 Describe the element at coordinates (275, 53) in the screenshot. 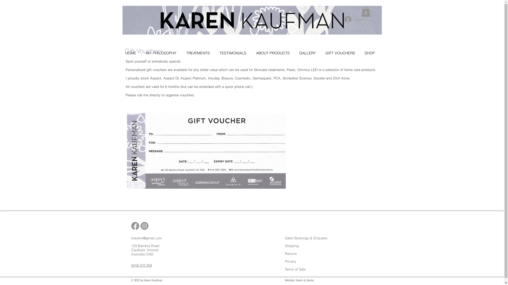

I see `'ABOUT PRODUCTS'` at that location.